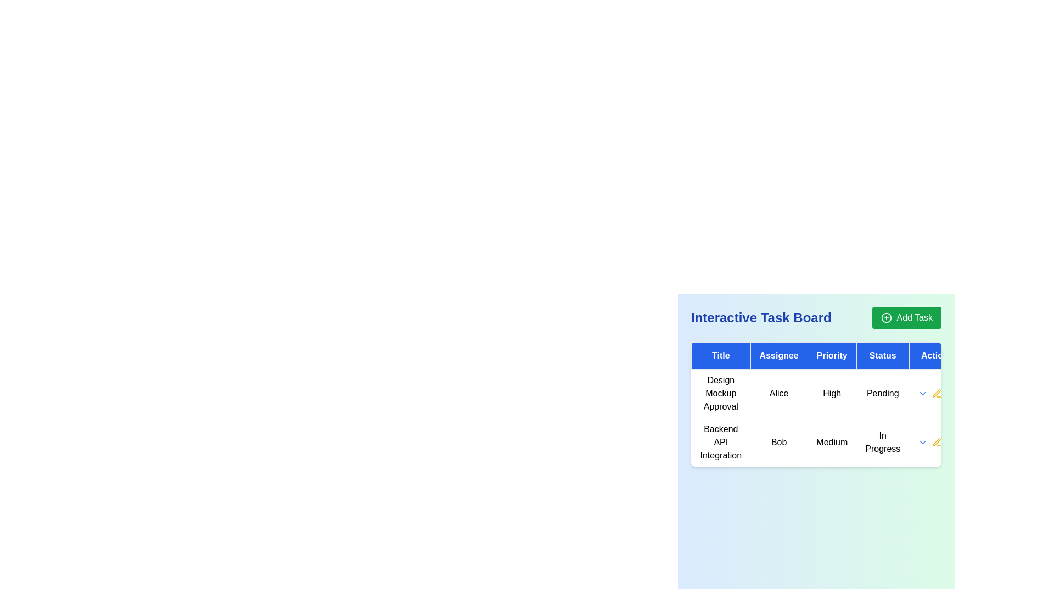 The height and width of the screenshot is (593, 1054). I want to click on the 'Add Task' button by clicking on the green circle outline at the center of the SVG icon, so click(887, 317).